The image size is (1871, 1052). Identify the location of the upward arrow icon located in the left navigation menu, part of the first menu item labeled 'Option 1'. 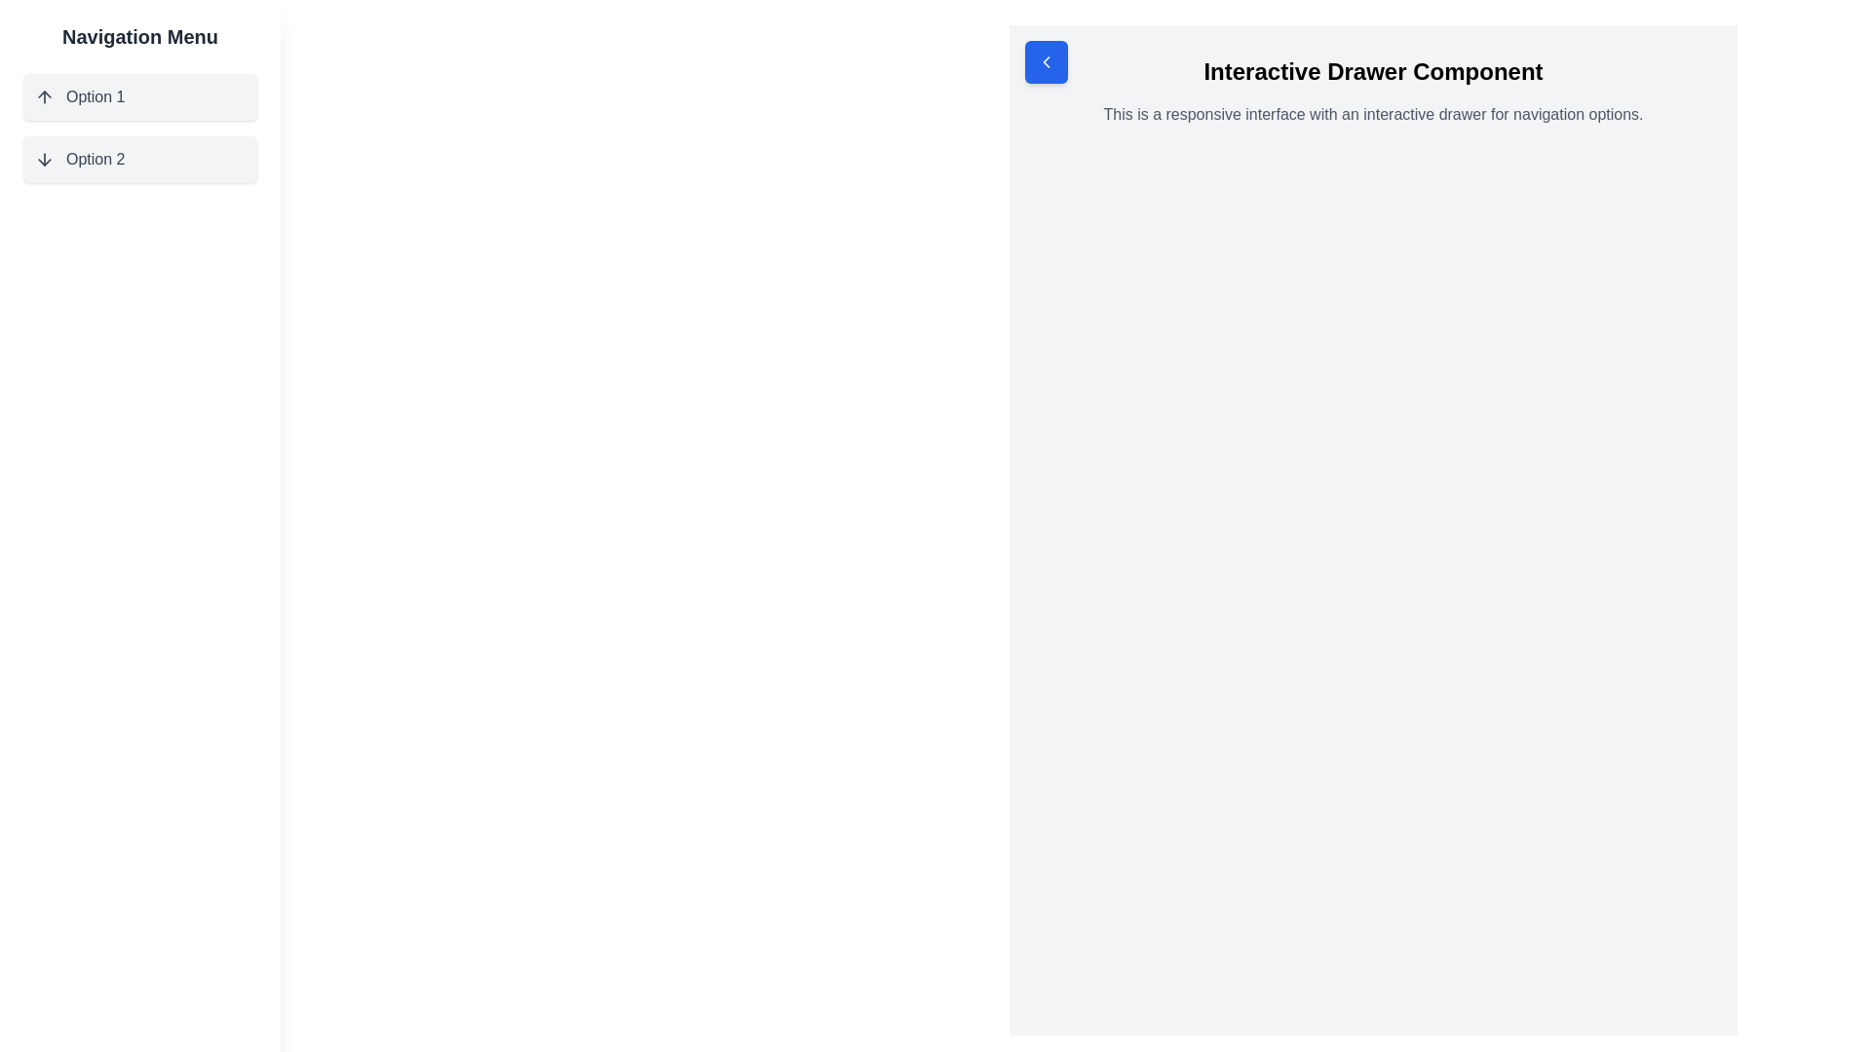
(45, 97).